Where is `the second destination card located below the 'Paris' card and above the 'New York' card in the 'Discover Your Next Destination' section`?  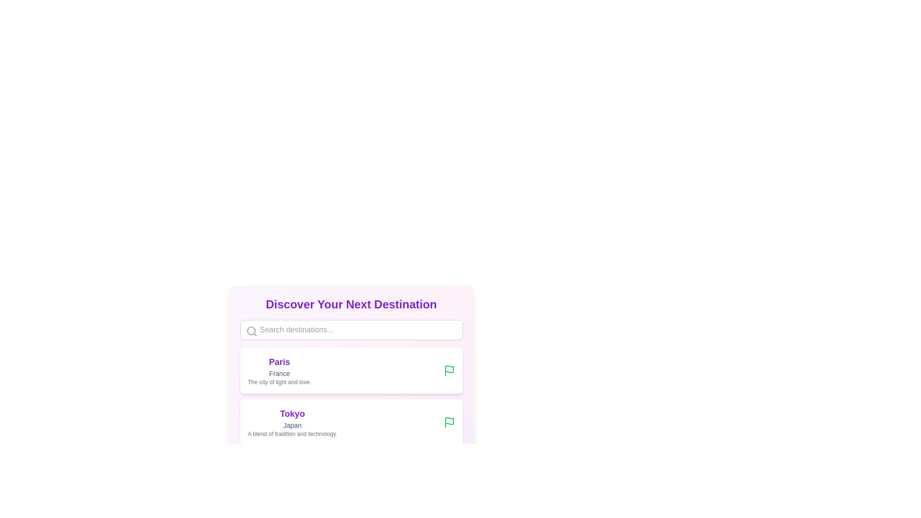
the second destination card located below the 'Paris' card and above the 'New York' card in the 'Discover Your Next Destination' section is located at coordinates (351, 422).